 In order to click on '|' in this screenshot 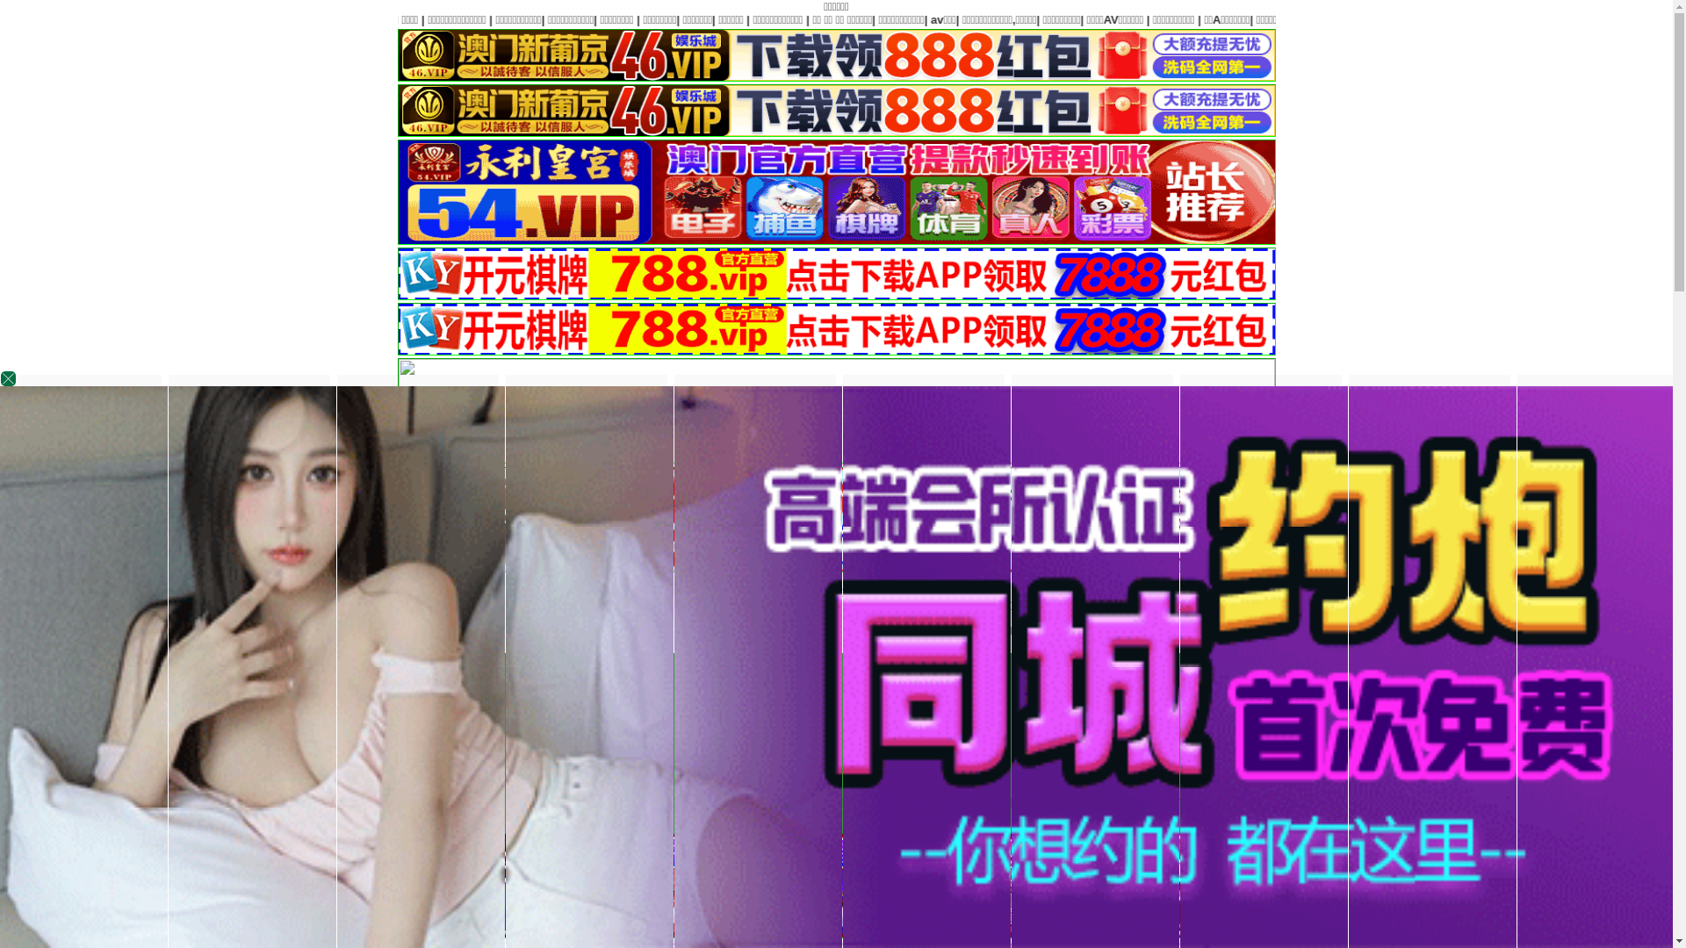, I will do `click(1264, 19)`.